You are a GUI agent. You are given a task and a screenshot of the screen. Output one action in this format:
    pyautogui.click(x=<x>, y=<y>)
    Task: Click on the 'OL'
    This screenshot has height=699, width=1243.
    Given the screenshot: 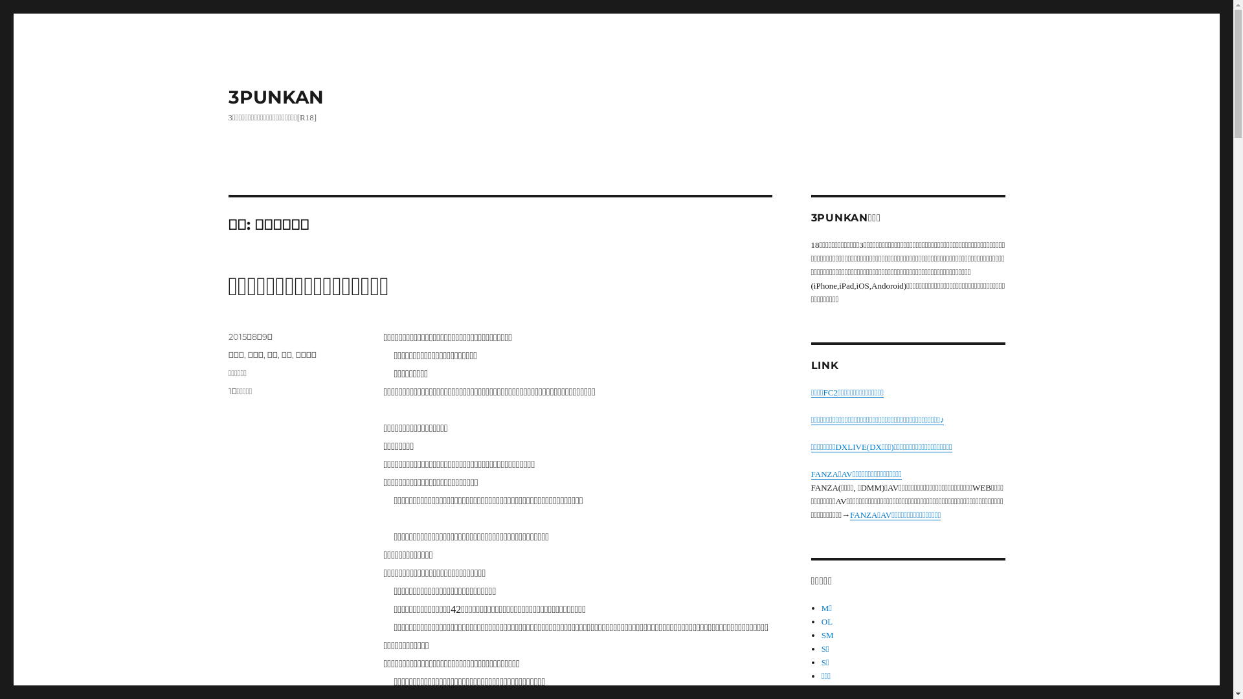 What is the action you would take?
    pyautogui.click(x=826, y=621)
    